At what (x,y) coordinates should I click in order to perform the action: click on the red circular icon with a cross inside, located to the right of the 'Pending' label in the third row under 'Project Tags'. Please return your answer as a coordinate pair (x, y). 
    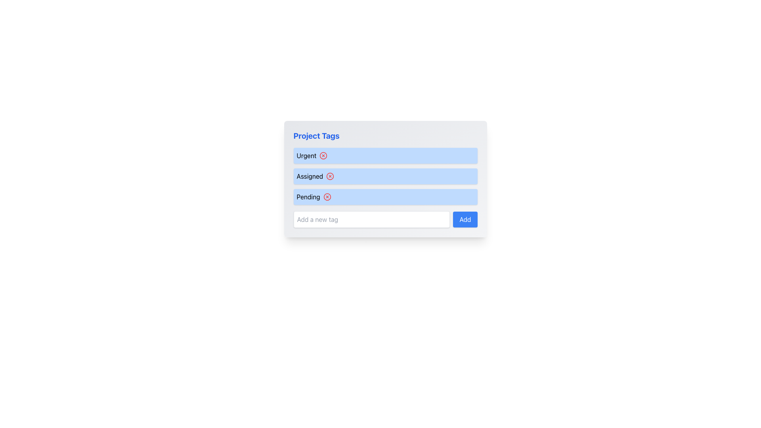
    Looking at the image, I should click on (327, 197).